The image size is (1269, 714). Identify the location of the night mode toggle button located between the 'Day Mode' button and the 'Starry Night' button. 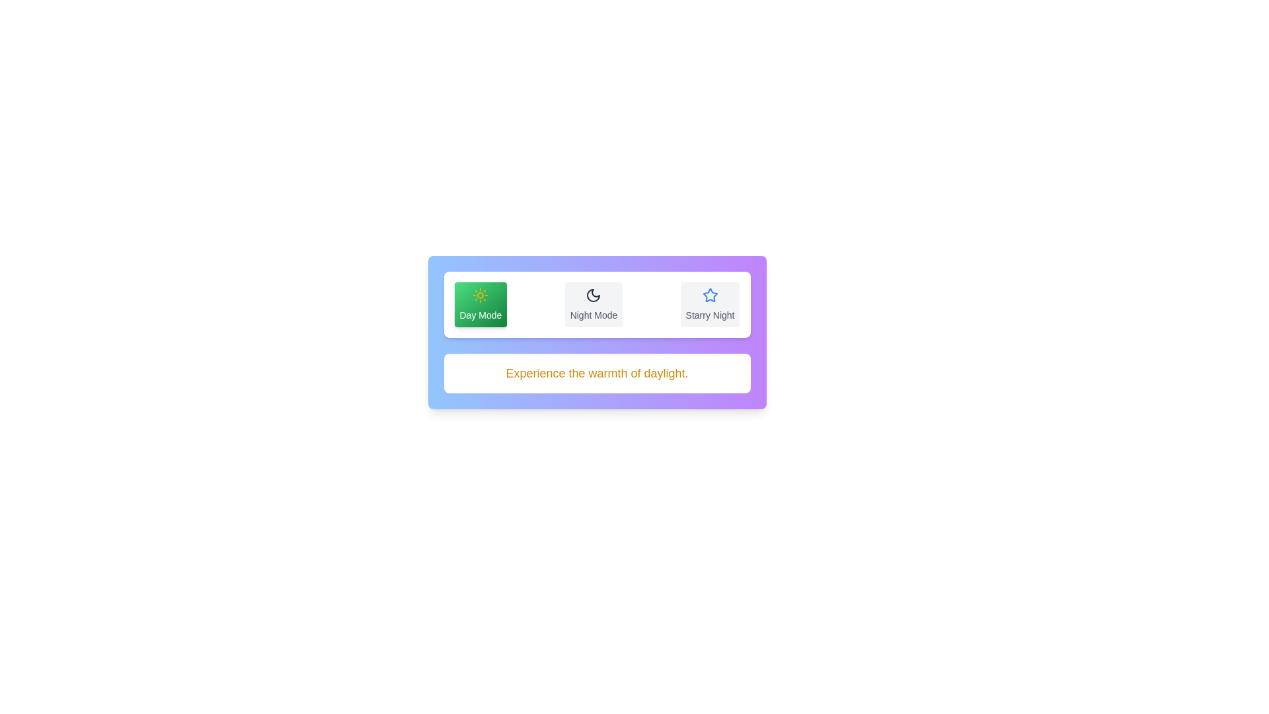
(593, 305).